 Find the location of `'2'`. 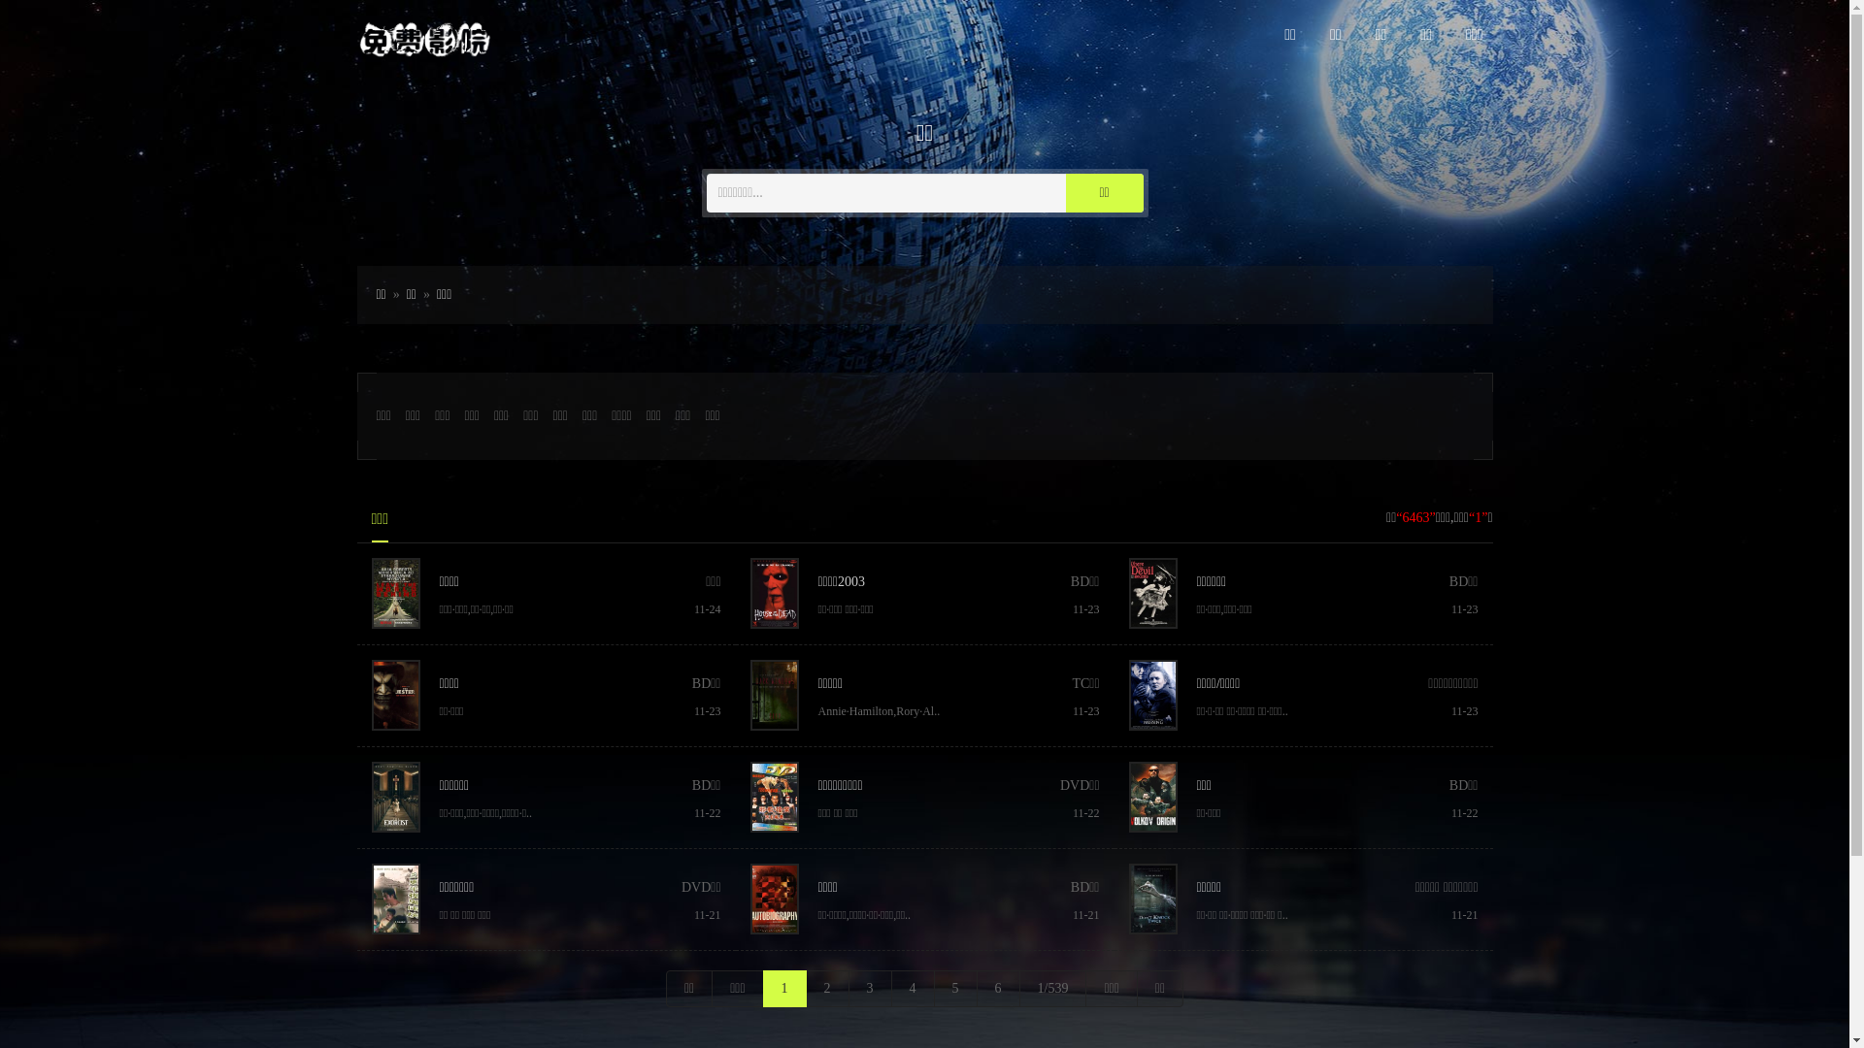

'2' is located at coordinates (806, 988).